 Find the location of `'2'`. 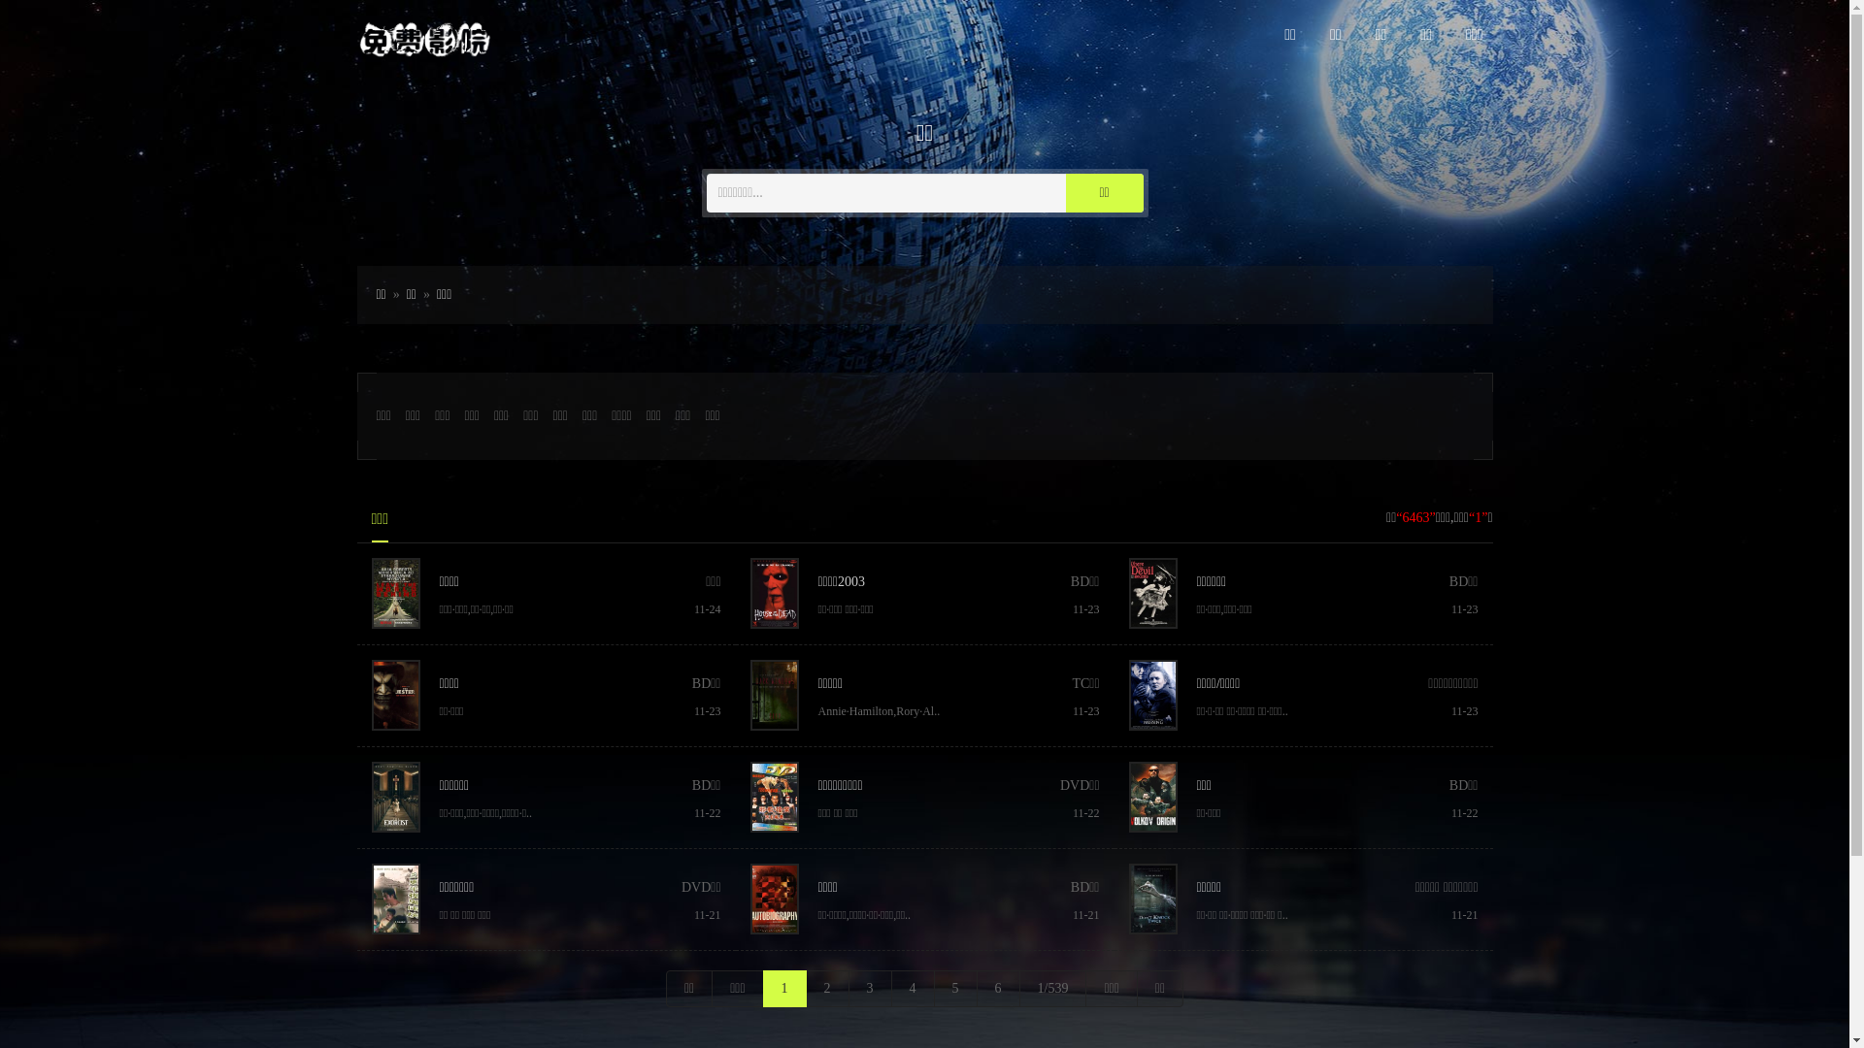

'2' is located at coordinates (806, 988).